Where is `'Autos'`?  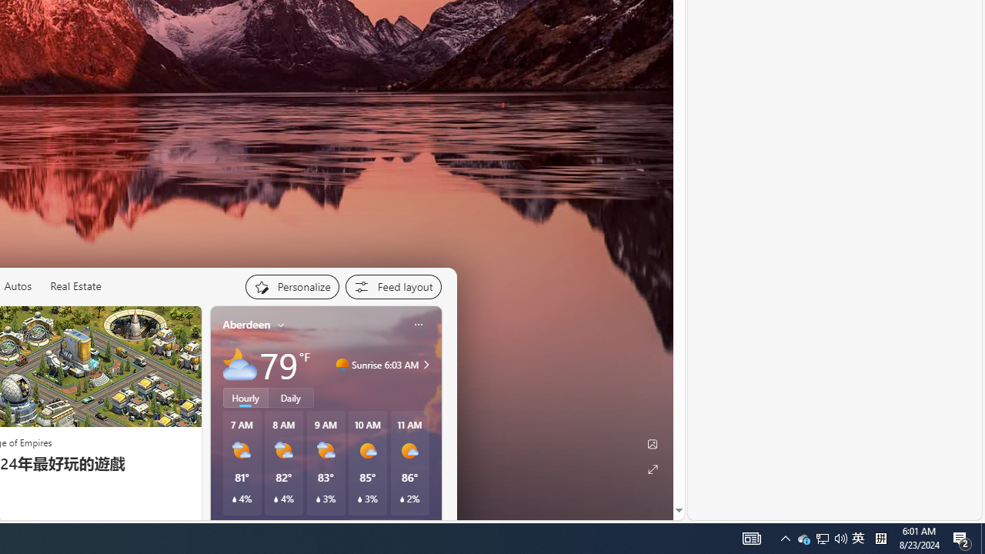
'Autos' is located at coordinates (18, 285).